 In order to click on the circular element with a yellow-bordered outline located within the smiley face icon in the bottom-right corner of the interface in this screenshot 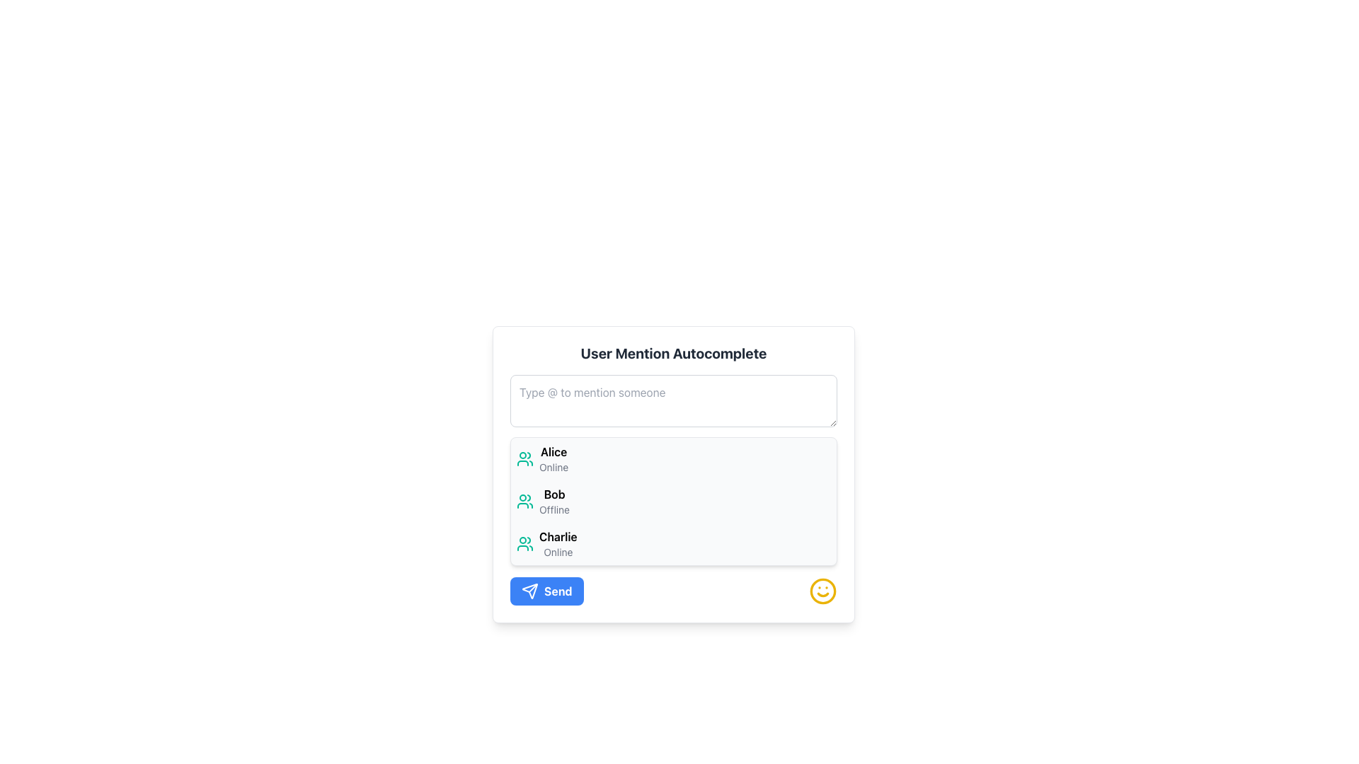, I will do `click(822, 591)`.